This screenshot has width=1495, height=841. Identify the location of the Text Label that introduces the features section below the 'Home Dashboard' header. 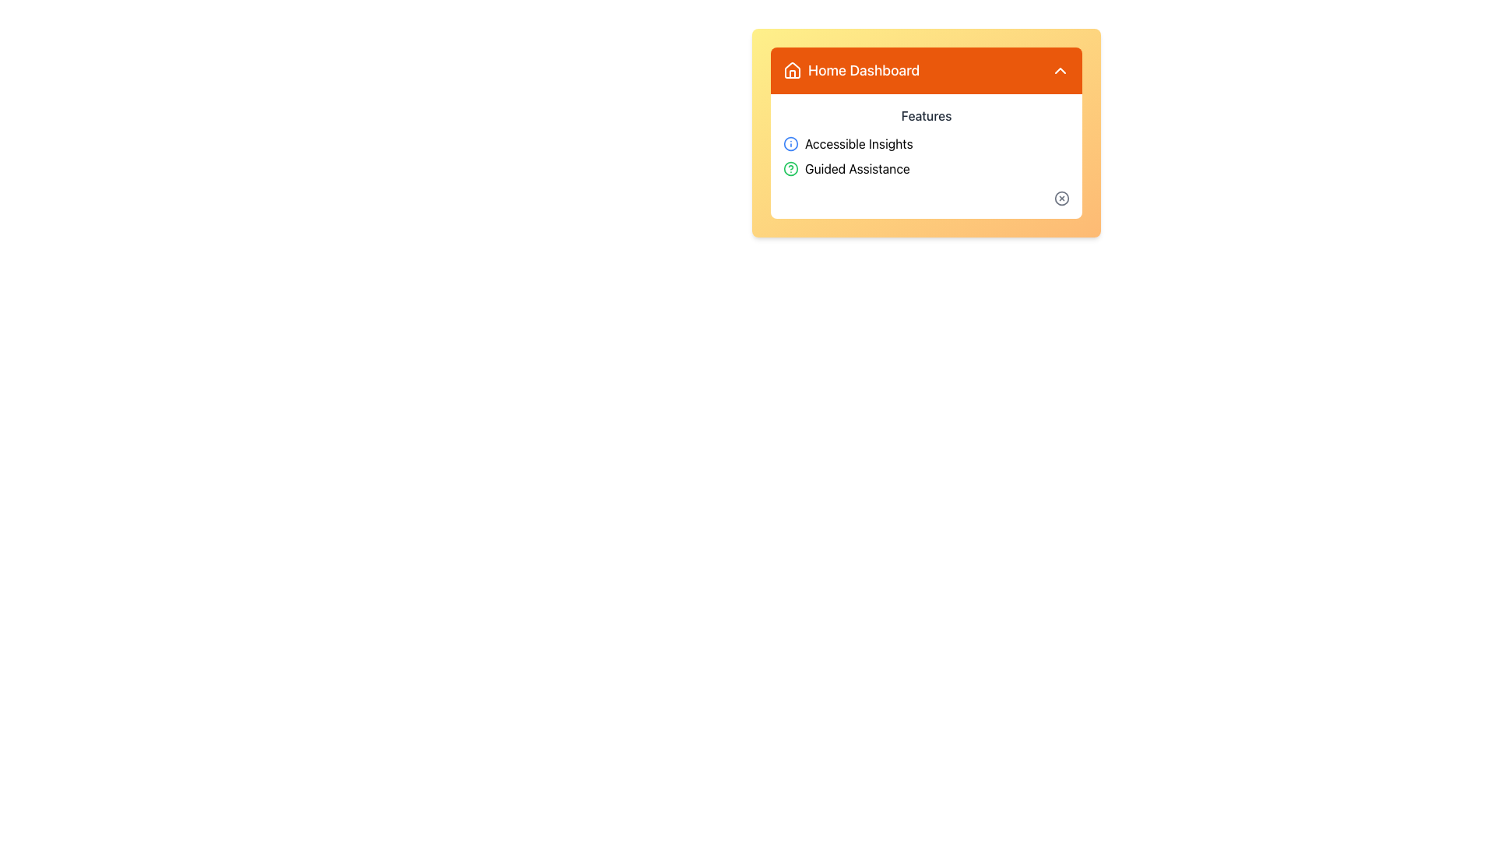
(927, 115).